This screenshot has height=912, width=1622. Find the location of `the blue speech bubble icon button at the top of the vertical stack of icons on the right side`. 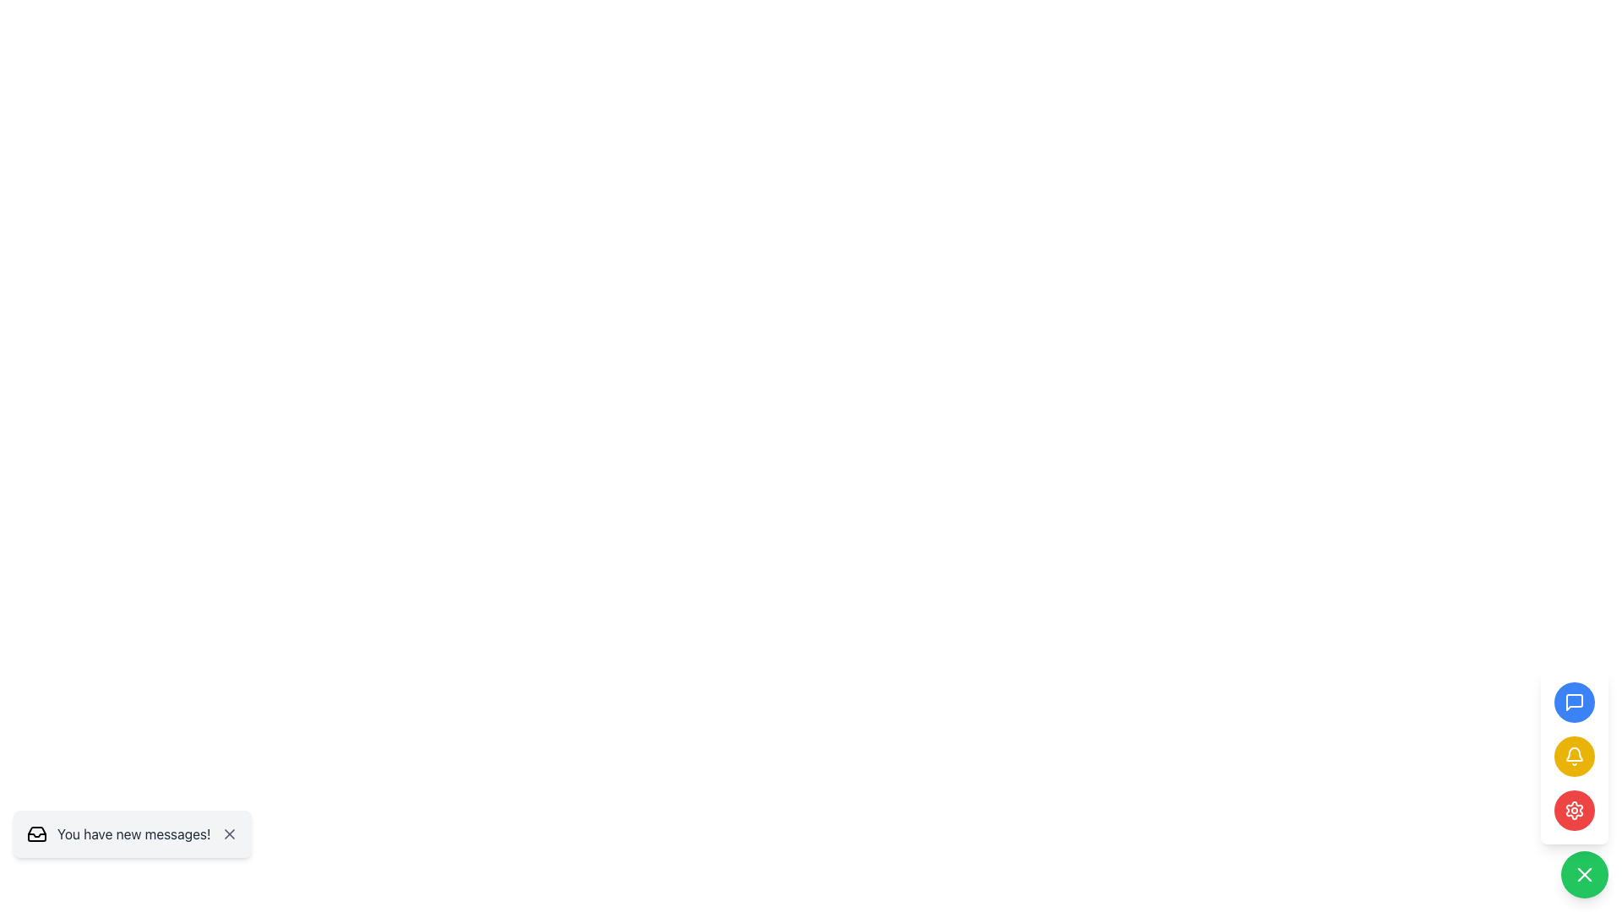

the blue speech bubble icon button at the top of the vertical stack of icons on the right side is located at coordinates (1573, 703).